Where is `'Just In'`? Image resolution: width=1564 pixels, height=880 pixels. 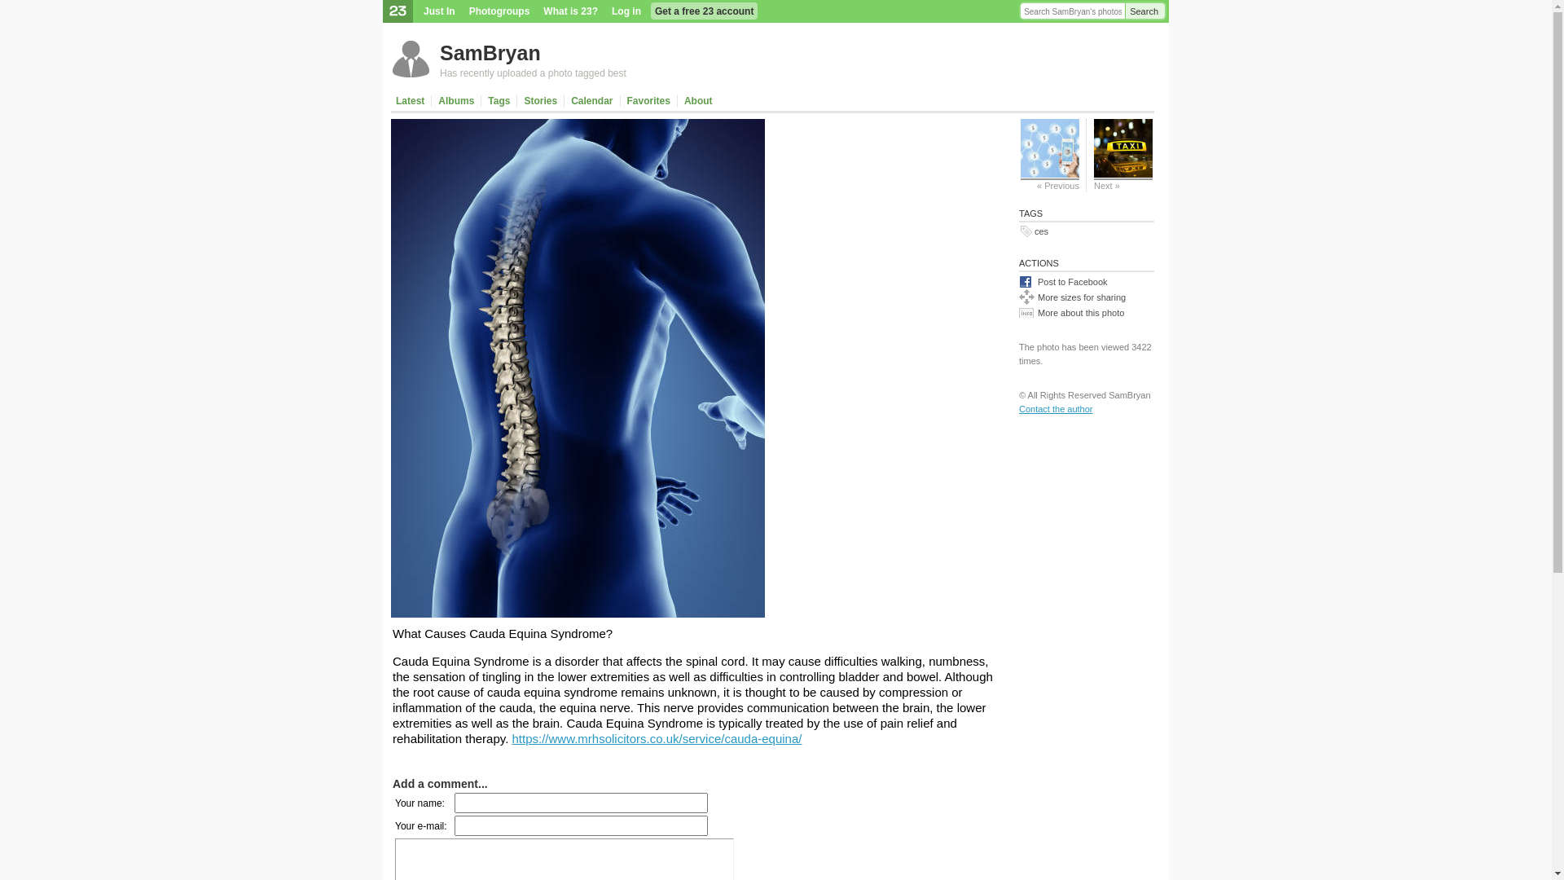
'Just In' is located at coordinates (439, 11).